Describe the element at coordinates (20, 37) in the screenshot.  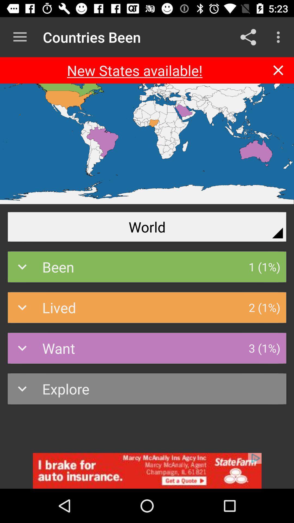
I see `menu button` at that location.